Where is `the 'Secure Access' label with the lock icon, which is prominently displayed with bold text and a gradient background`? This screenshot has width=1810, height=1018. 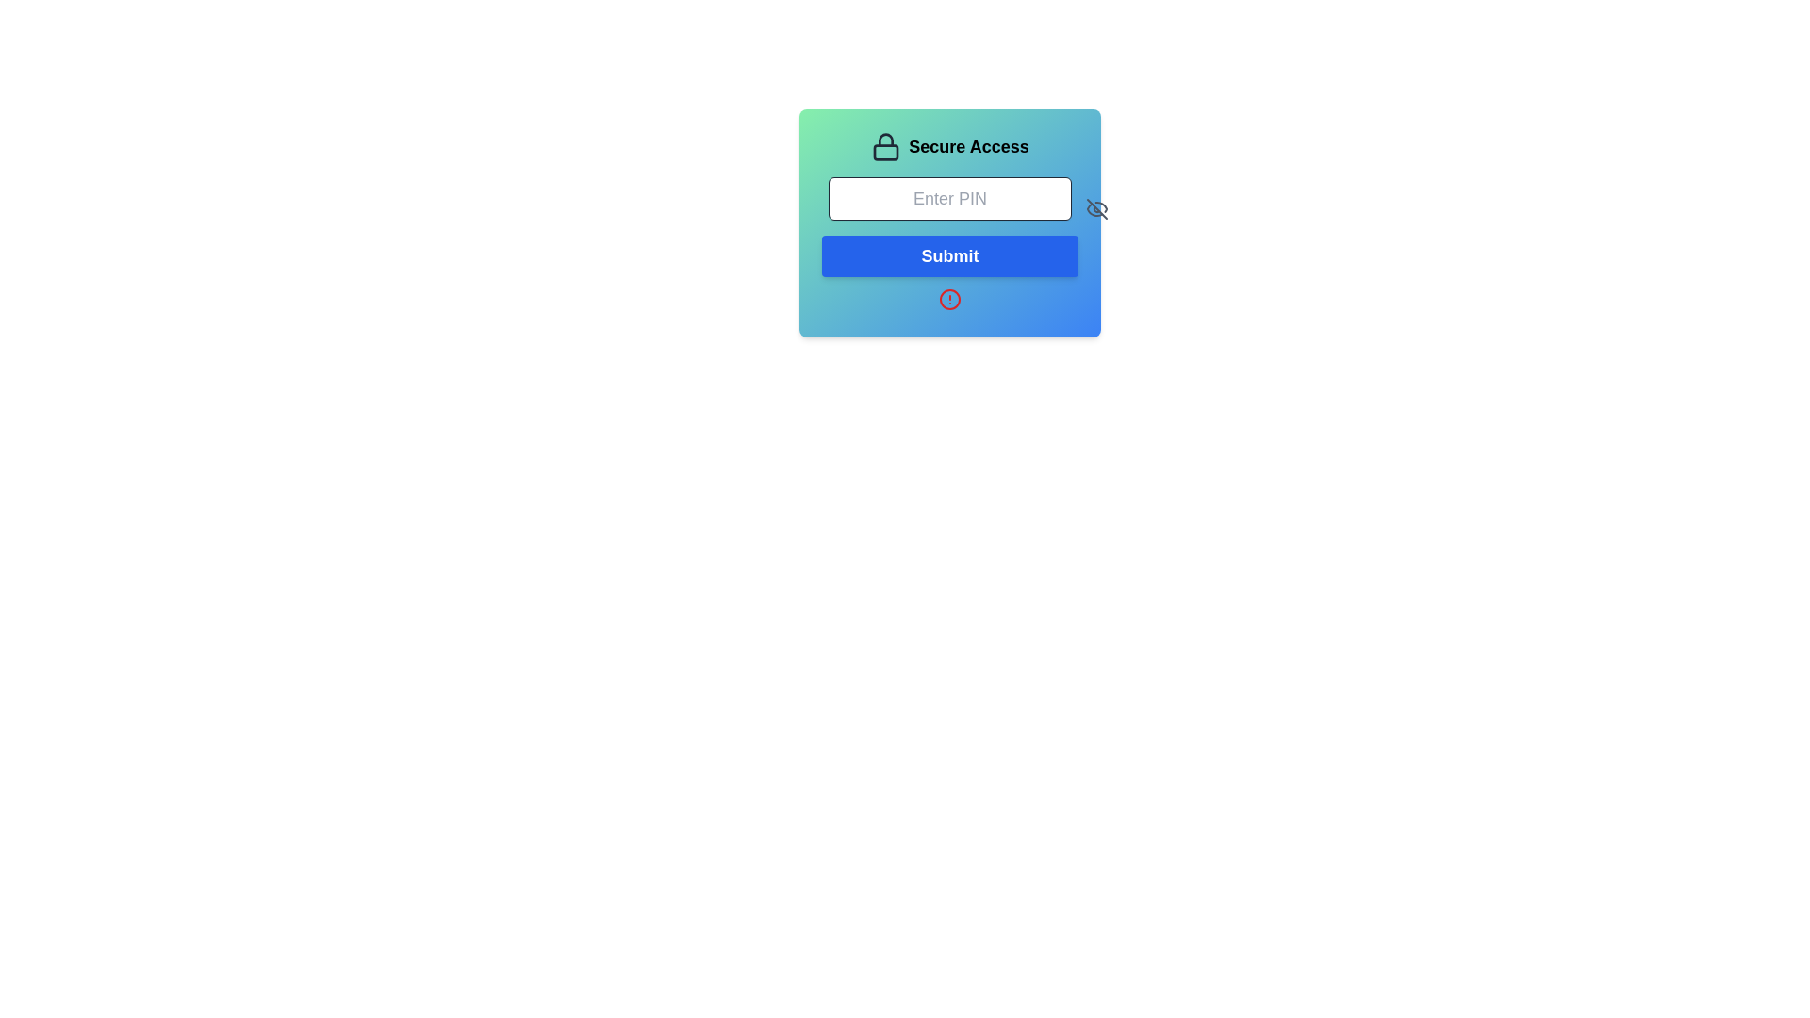 the 'Secure Access' label with the lock icon, which is prominently displayed with bold text and a gradient background is located at coordinates (950, 145).